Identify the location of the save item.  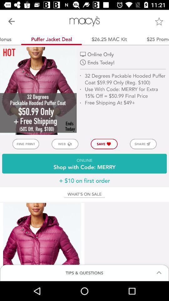
(104, 144).